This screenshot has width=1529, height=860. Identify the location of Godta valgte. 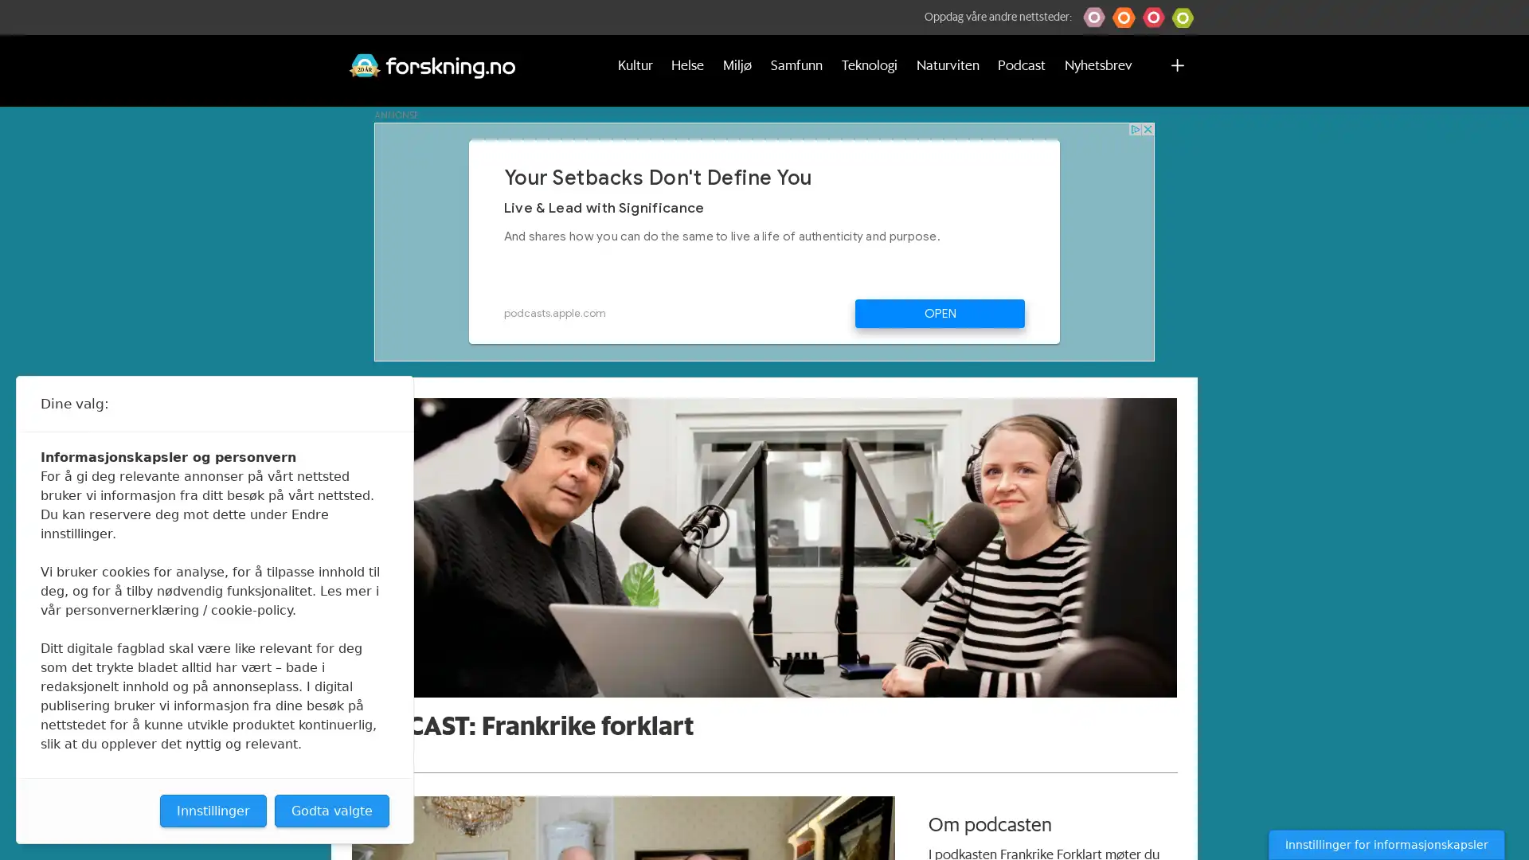
(331, 811).